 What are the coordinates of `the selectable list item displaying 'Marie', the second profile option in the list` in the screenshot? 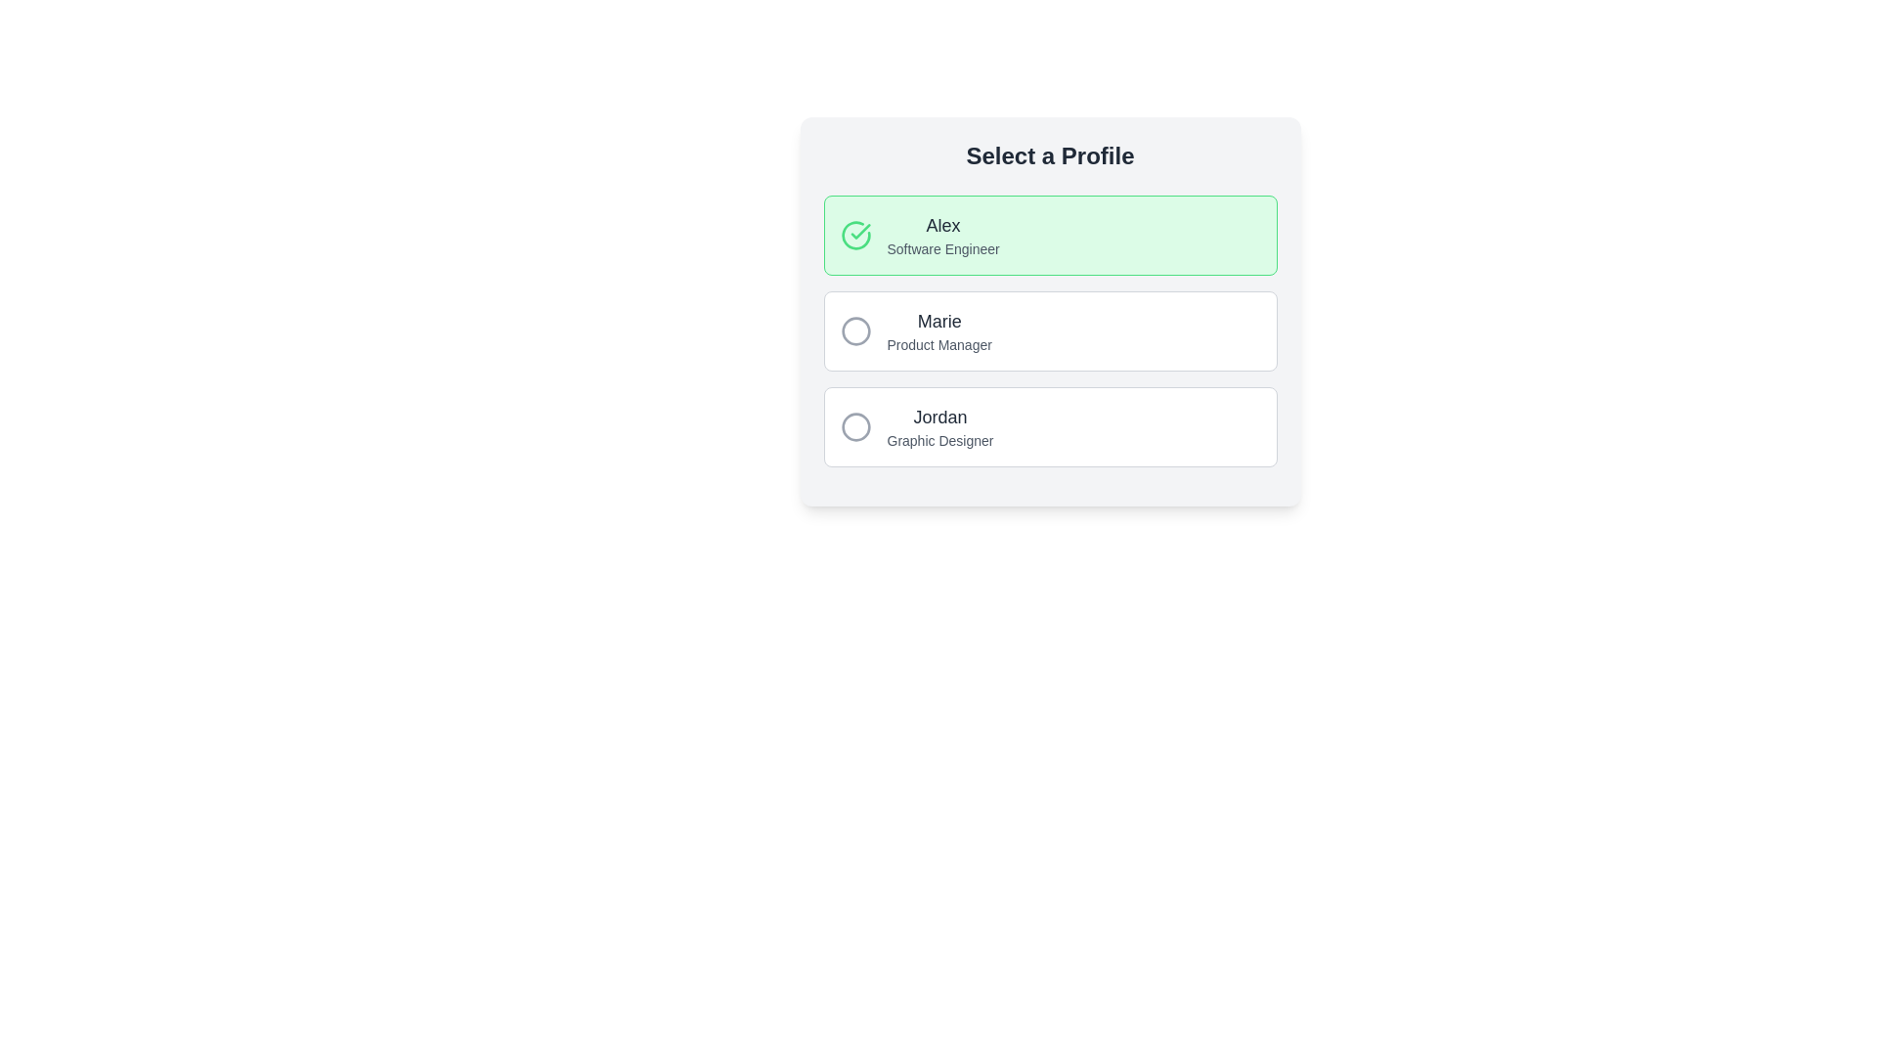 It's located at (1049, 330).